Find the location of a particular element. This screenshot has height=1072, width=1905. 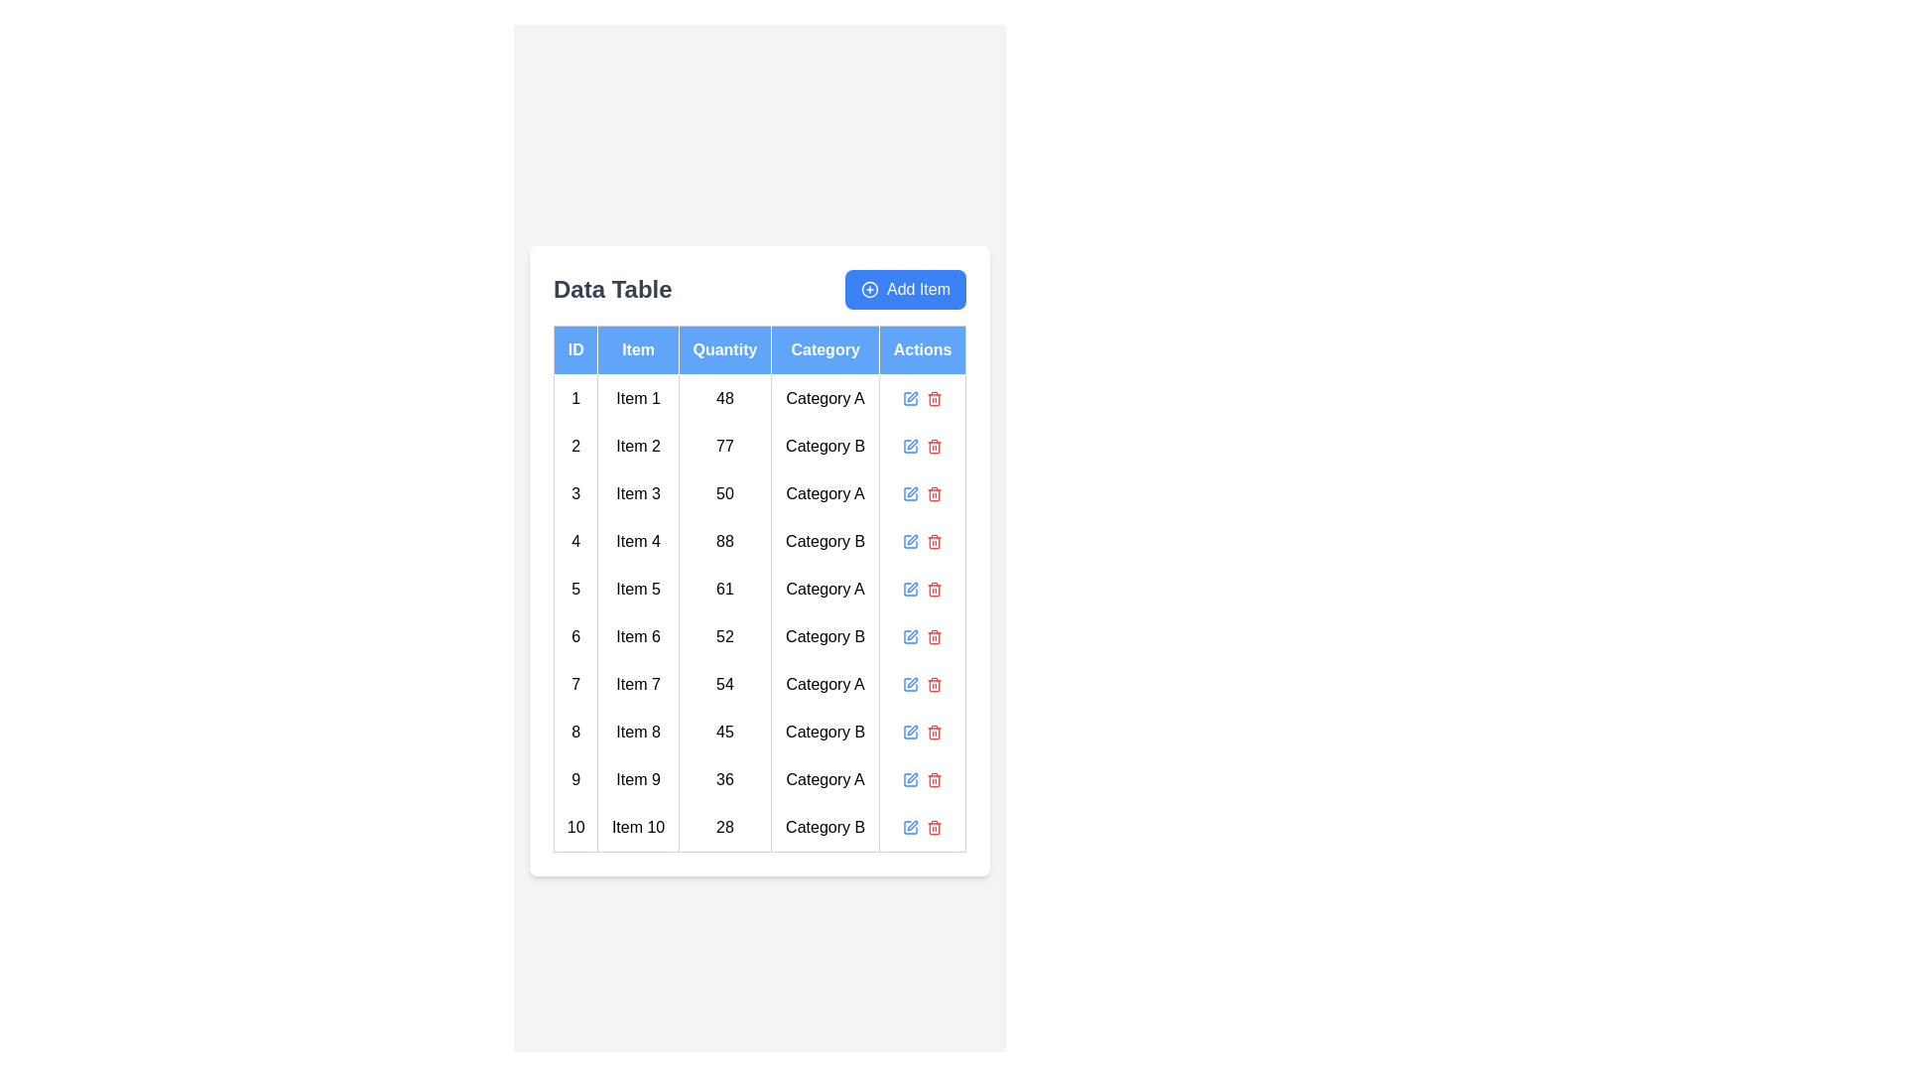

the text label displaying 'Category A', which is part of the table in the 'Category' column associated with 'Item 7' is located at coordinates (825, 683).